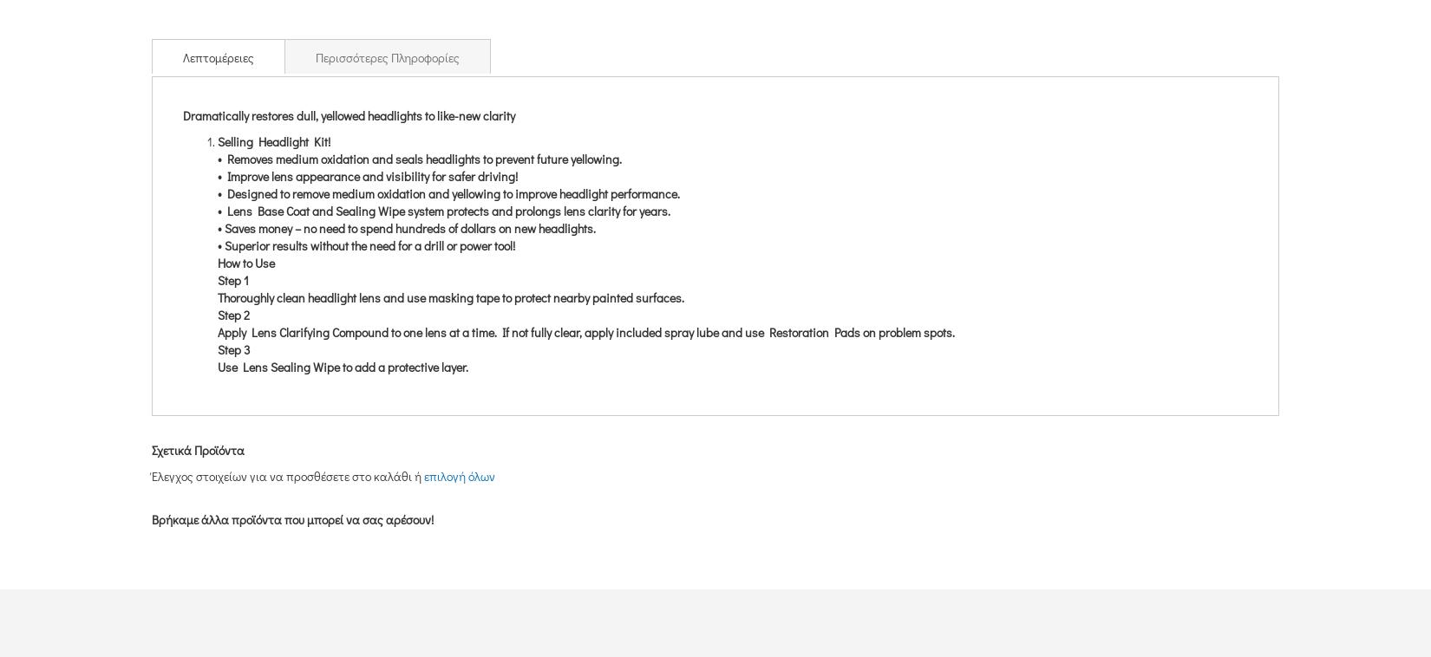 Image resolution: width=1431 pixels, height=657 pixels. What do you see at coordinates (217, 262) in the screenshot?
I see `'How to Use'` at bounding box center [217, 262].